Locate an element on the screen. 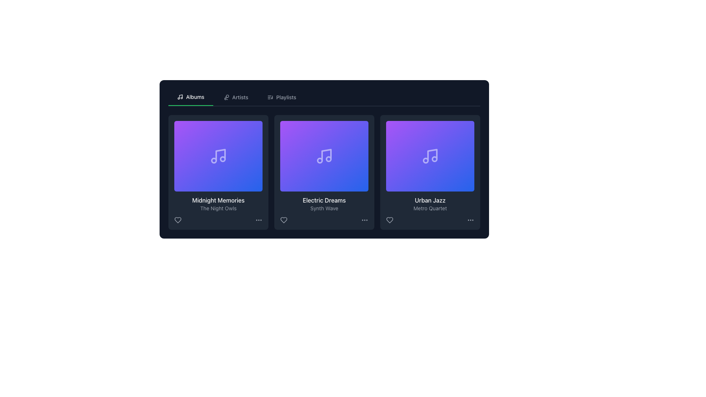  the music note icon, which is the third item in a horizontally-aligned list of cards, centrally located within a gradient background of purple to blue is located at coordinates (430, 155).